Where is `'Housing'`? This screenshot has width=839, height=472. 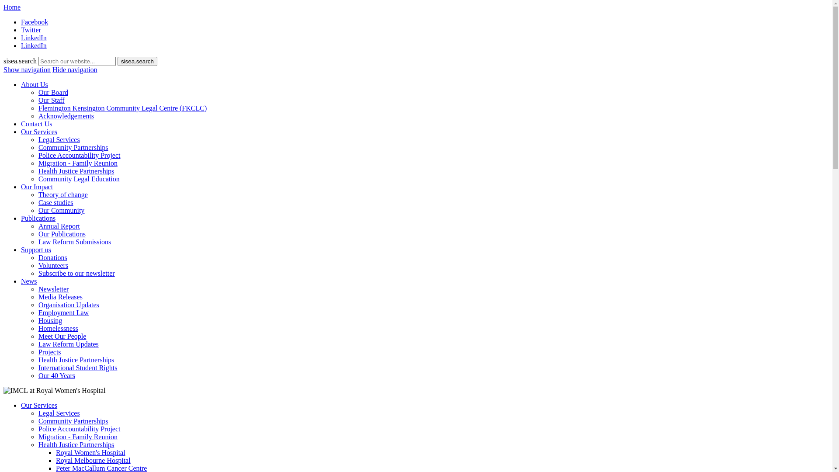
'Housing' is located at coordinates (50, 320).